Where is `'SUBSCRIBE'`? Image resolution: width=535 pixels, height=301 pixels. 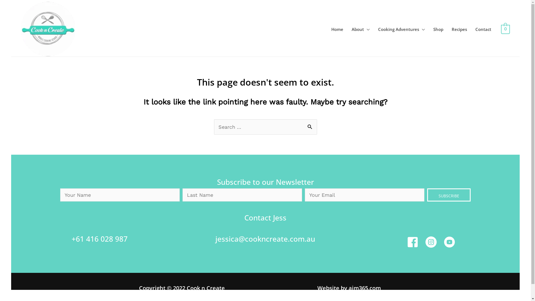
'SUBSCRIBE' is located at coordinates (449, 195).